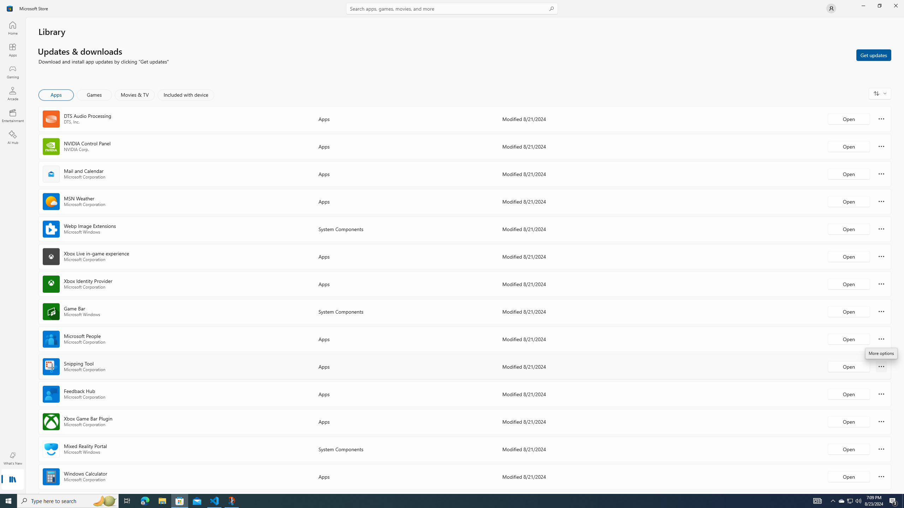  What do you see at coordinates (12, 93) in the screenshot?
I see `'Arcade'` at bounding box center [12, 93].